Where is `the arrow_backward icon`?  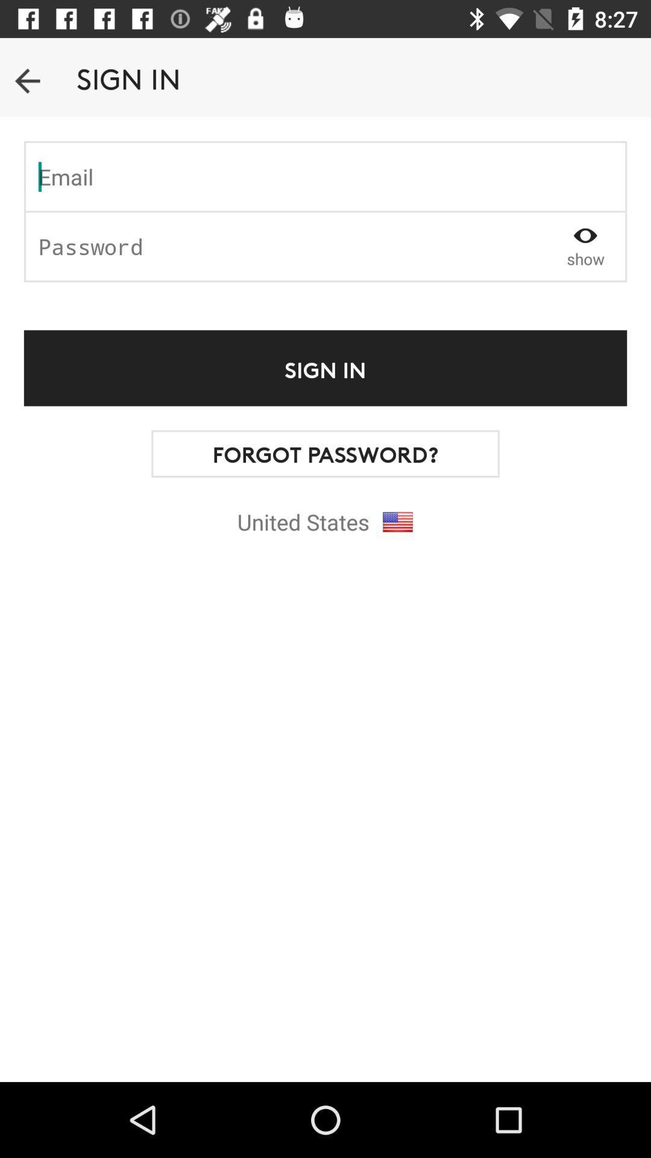
the arrow_backward icon is located at coordinates (27, 77).